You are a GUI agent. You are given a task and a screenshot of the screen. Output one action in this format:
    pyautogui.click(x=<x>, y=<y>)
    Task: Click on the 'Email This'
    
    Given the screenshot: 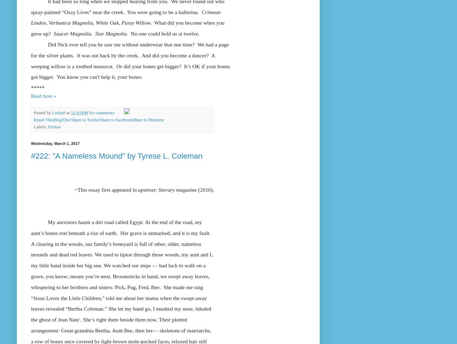 What is the action you would take?
    pyautogui.click(x=43, y=120)
    